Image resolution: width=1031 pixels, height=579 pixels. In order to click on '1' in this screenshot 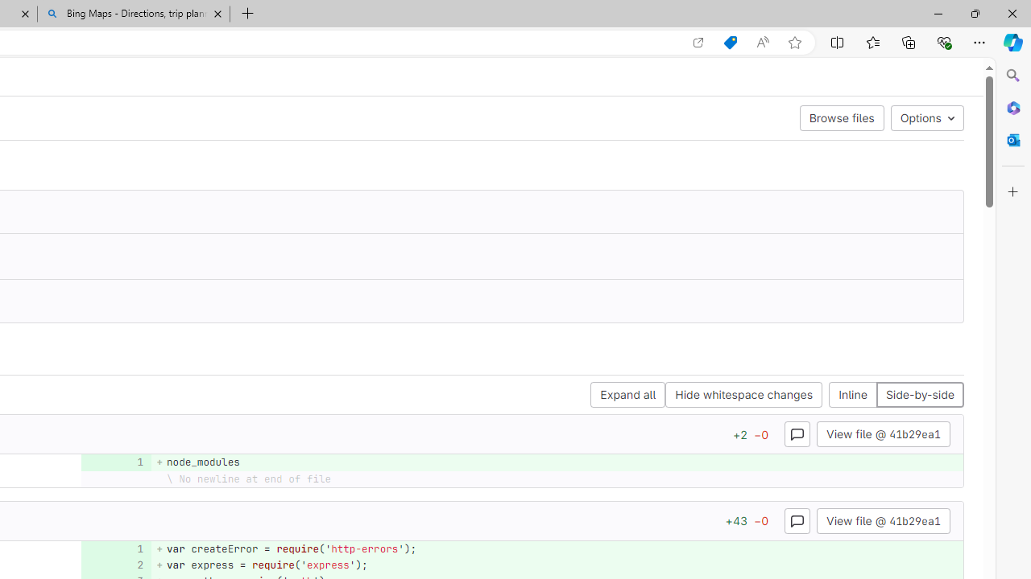, I will do `click(114, 548)`.